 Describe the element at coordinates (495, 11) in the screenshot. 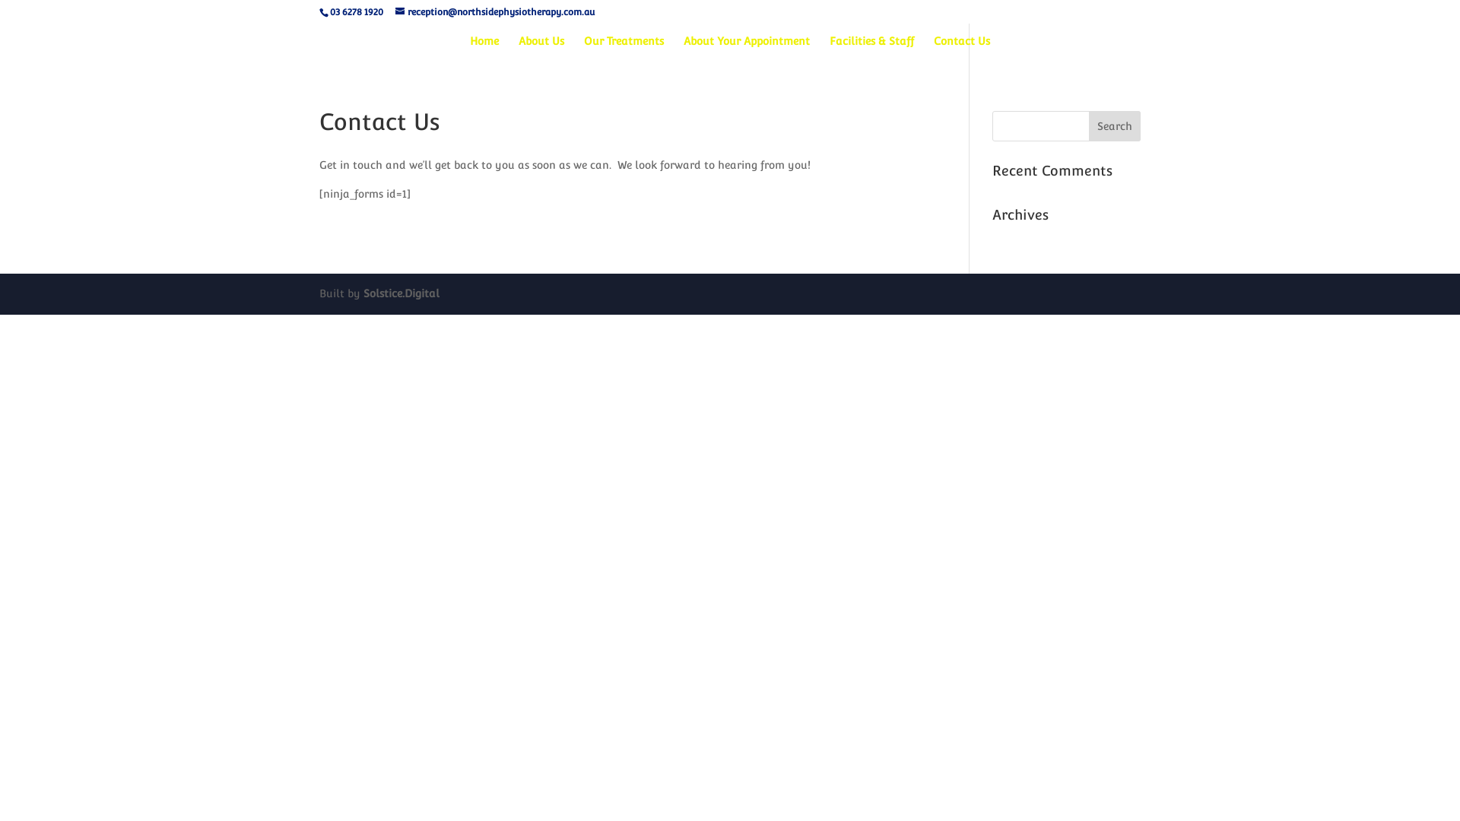

I see `'reception@northsidephysiotherapy.com.au'` at that location.